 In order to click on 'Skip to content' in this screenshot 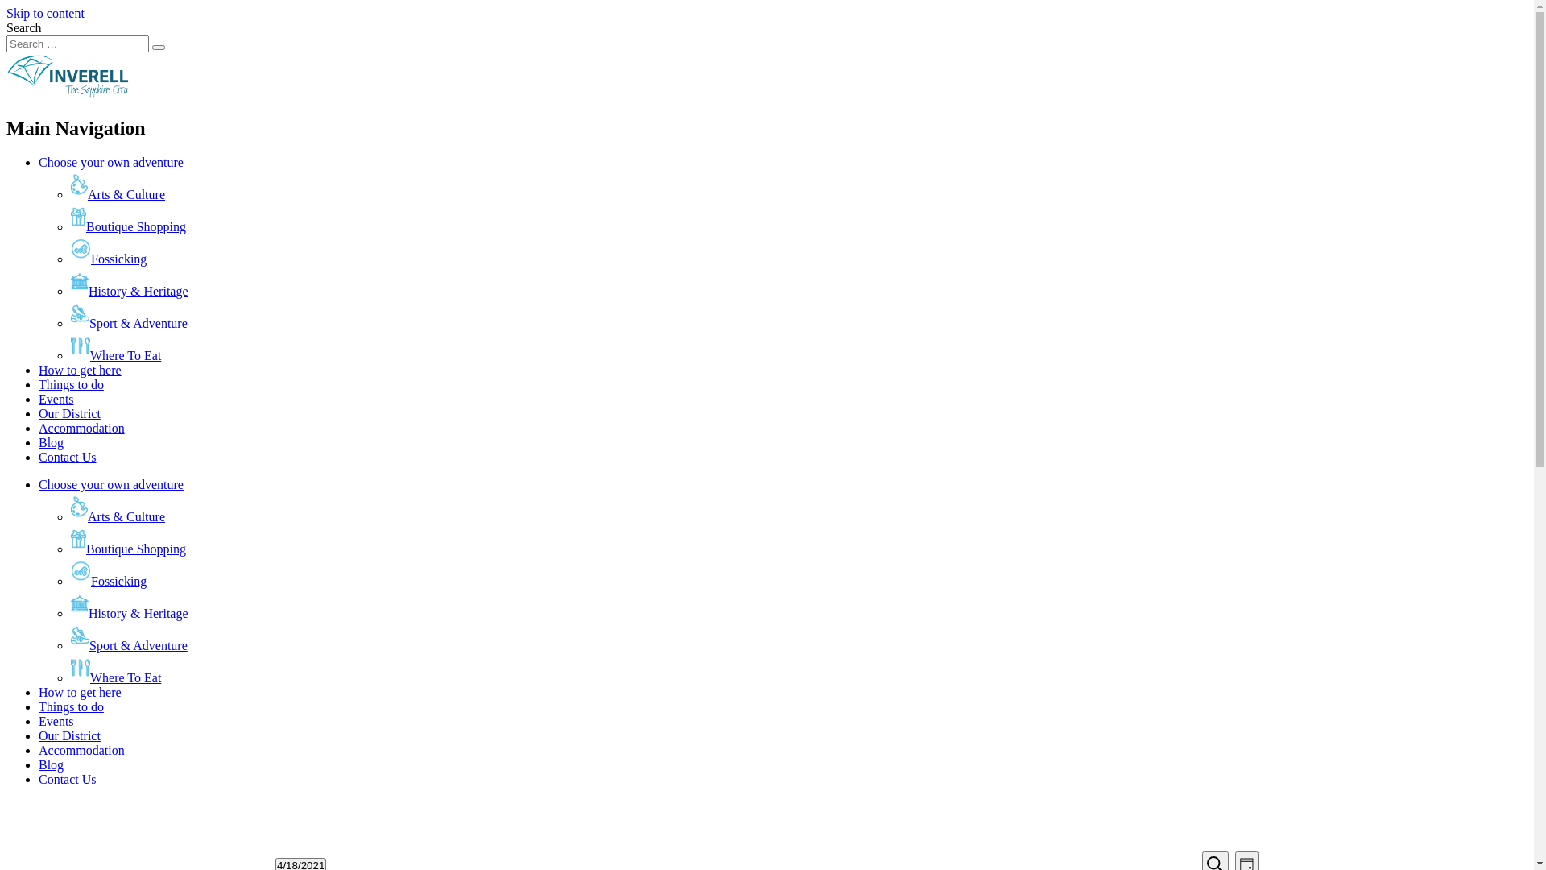, I will do `click(45, 13)`.